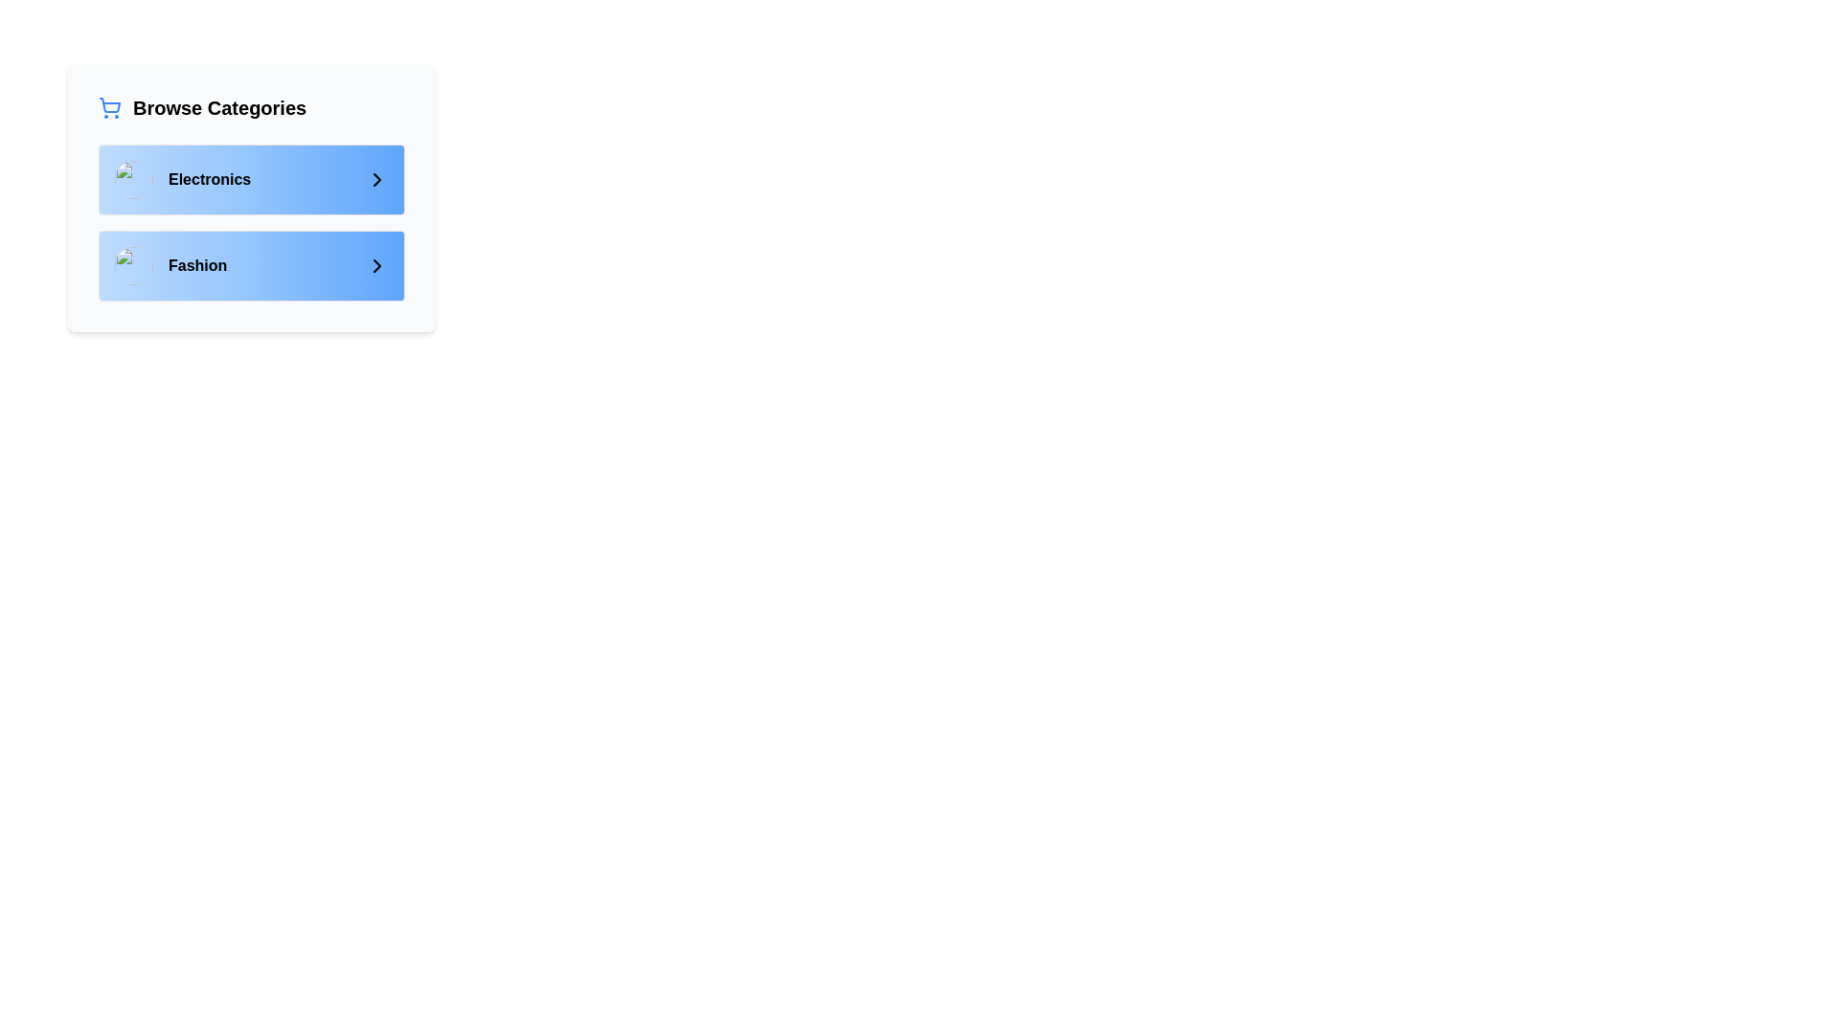 Image resolution: width=1839 pixels, height=1034 pixels. What do you see at coordinates (251, 180) in the screenshot?
I see `the 'Electronics' category selector card, which is the first item in a vertical stack` at bounding box center [251, 180].